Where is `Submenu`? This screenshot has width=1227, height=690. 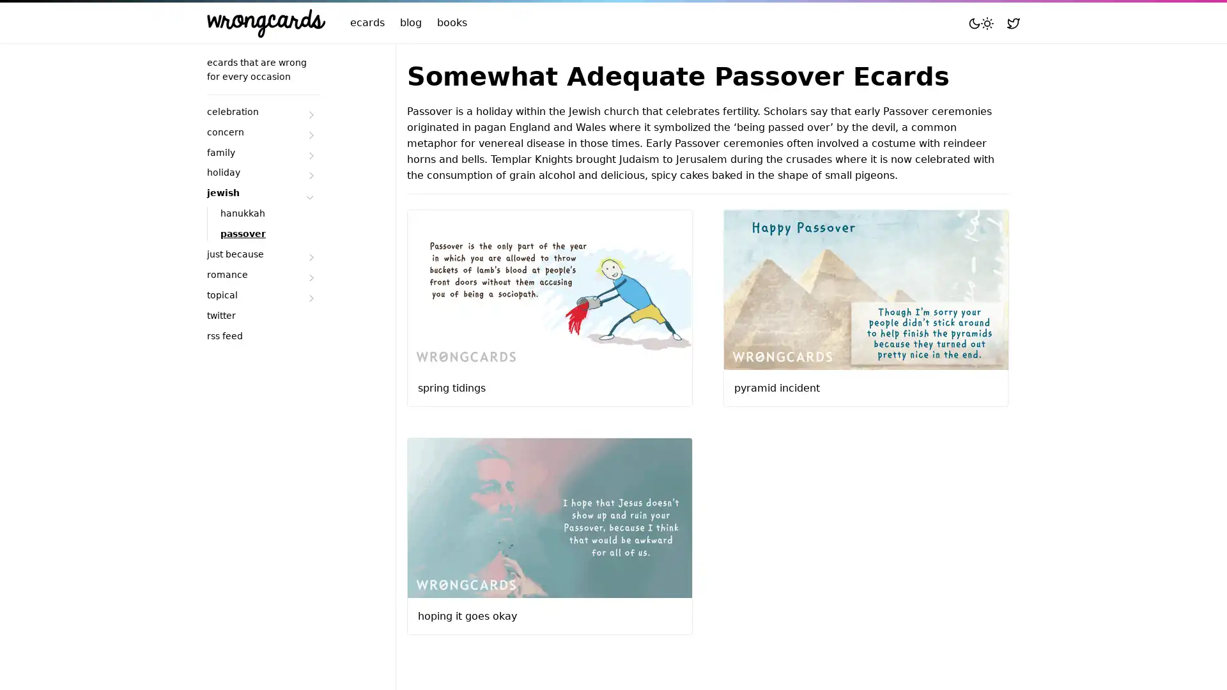
Submenu is located at coordinates (309, 155).